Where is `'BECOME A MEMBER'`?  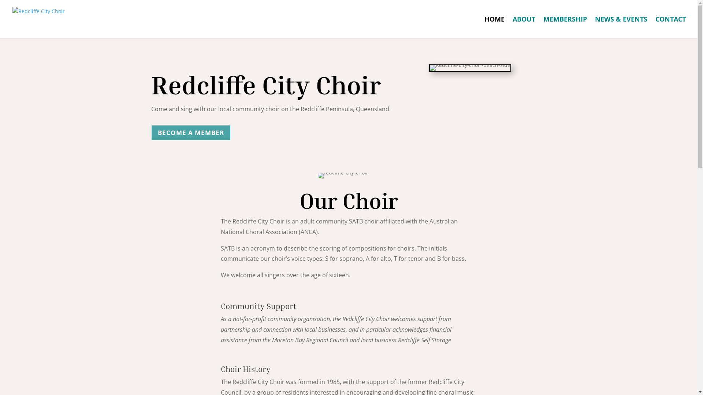
'BECOME A MEMBER' is located at coordinates (190, 132).